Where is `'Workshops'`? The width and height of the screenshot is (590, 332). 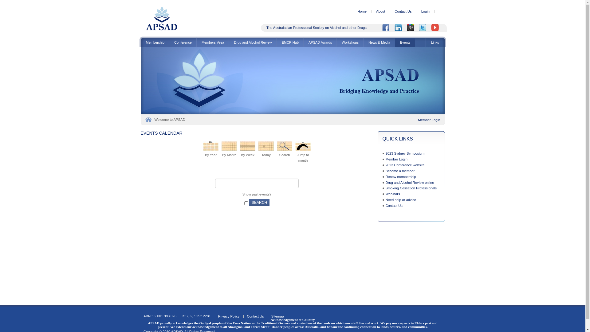 'Workshops' is located at coordinates (350, 42).